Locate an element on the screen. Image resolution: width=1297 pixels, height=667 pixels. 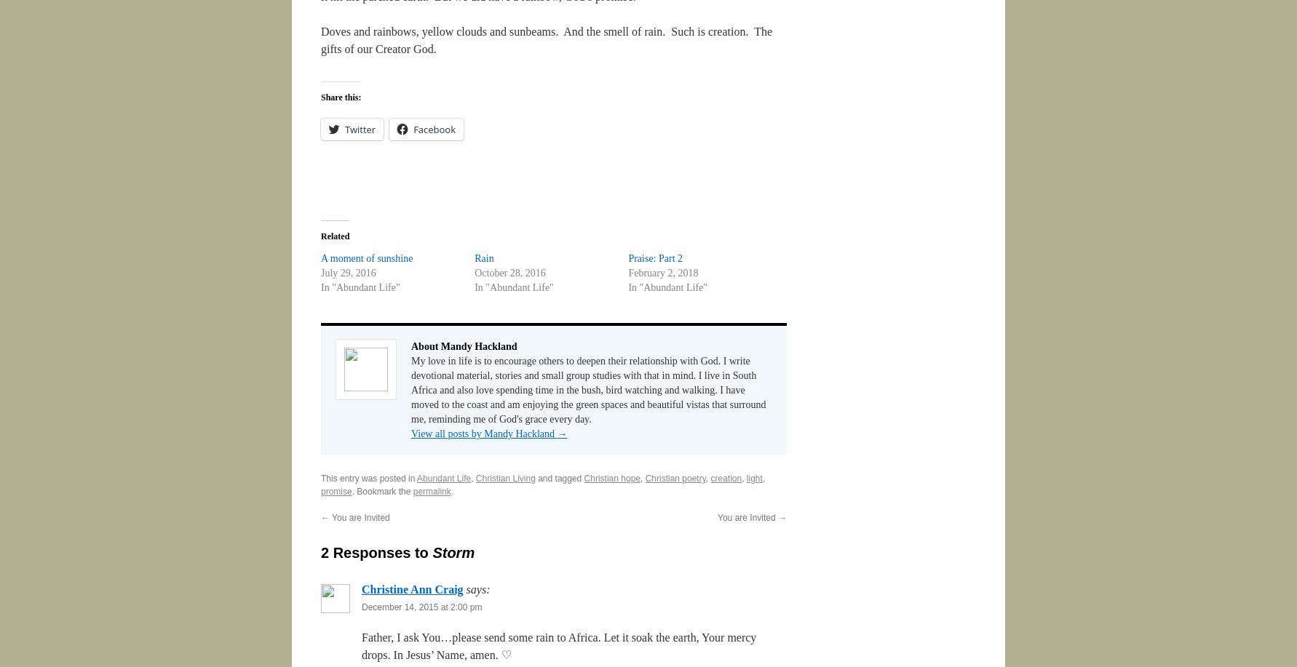
'Christian Living' is located at coordinates (504, 479).